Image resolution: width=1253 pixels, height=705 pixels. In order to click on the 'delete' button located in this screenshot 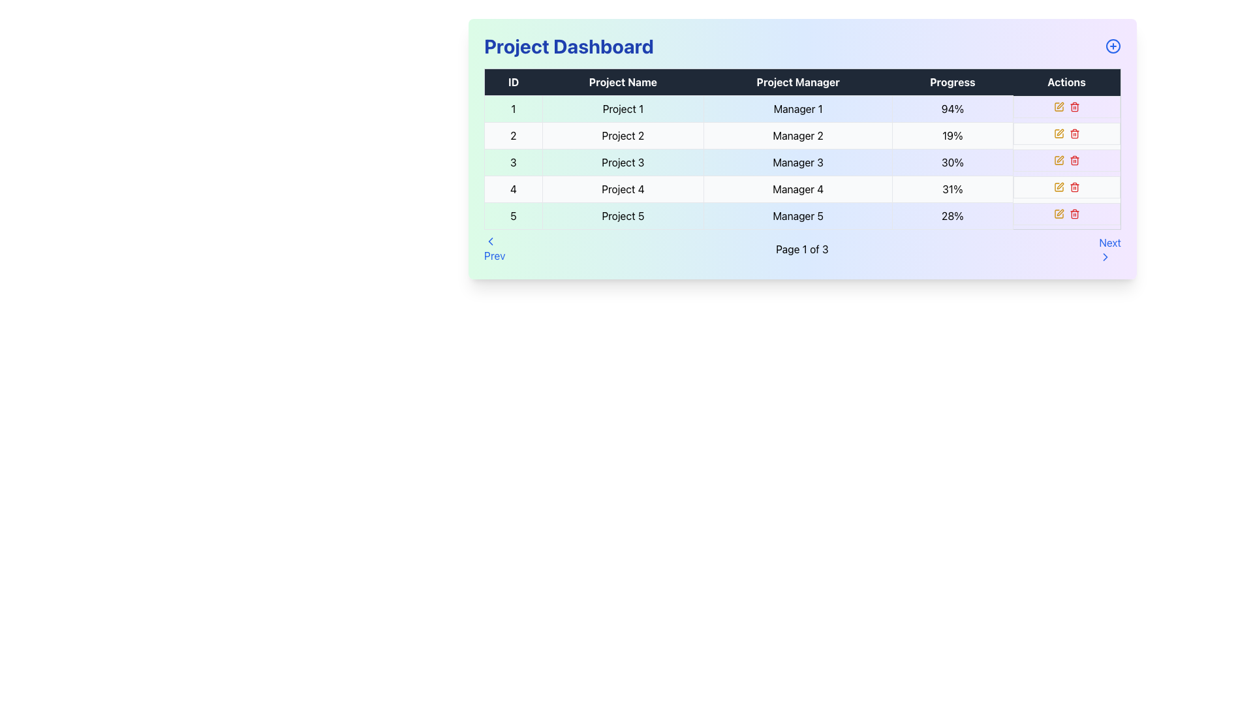, I will do `click(1074, 213)`.